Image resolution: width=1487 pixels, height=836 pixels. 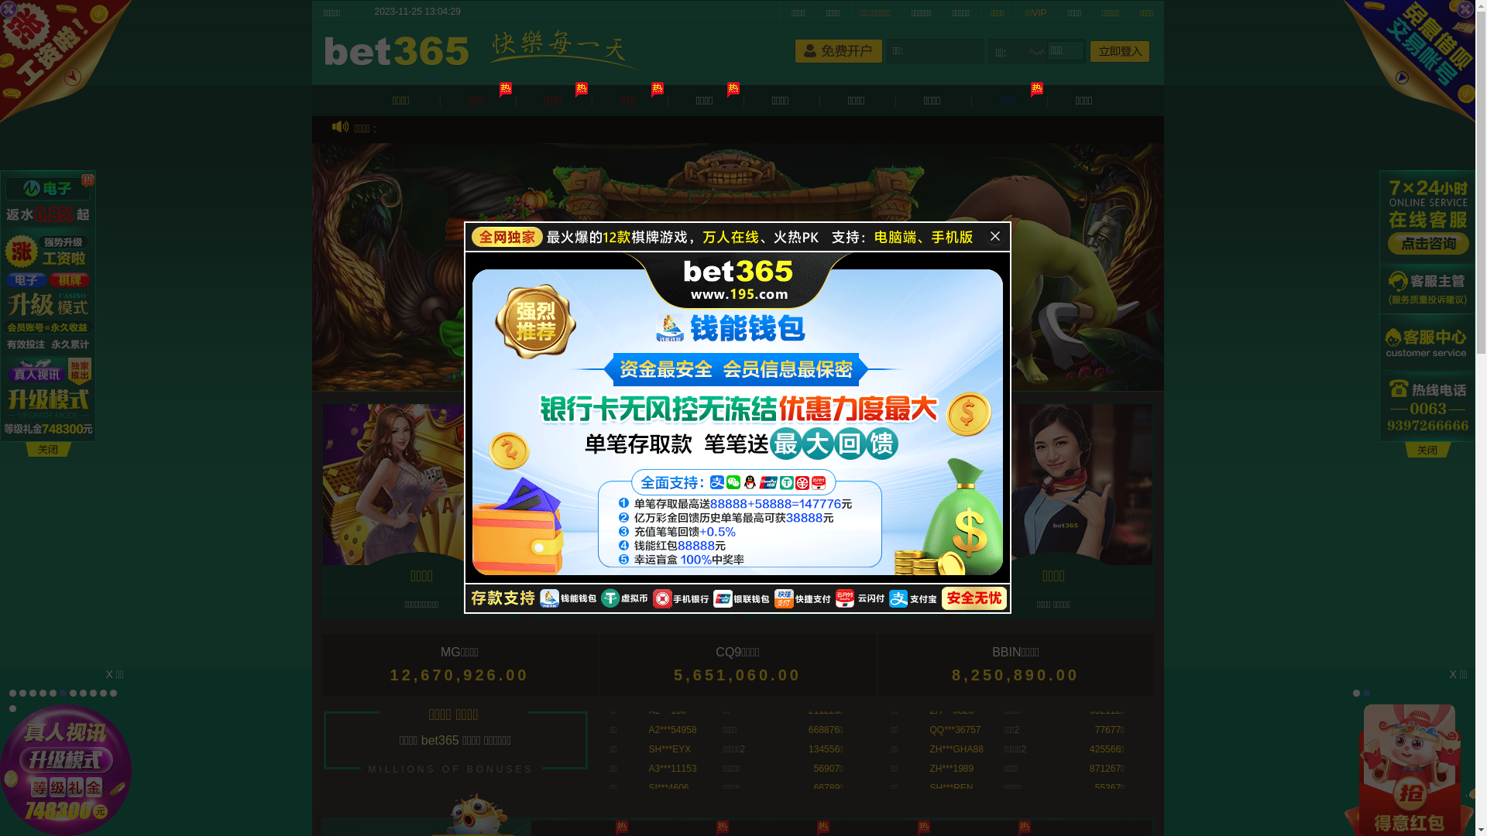 What do you see at coordinates (78, 692) in the screenshot?
I see `'8'` at bounding box center [78, 692].